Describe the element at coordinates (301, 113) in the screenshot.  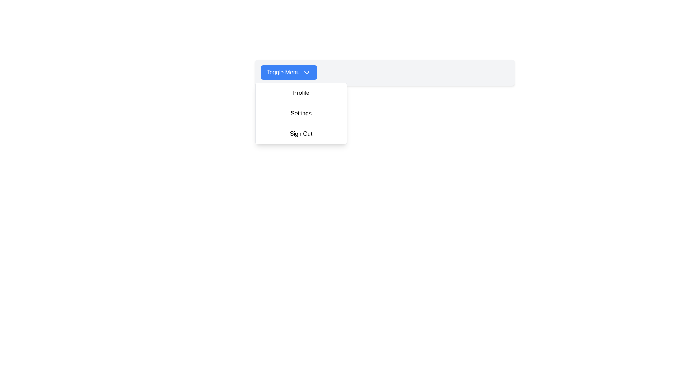
I see `the 'Settings' button` at that location.